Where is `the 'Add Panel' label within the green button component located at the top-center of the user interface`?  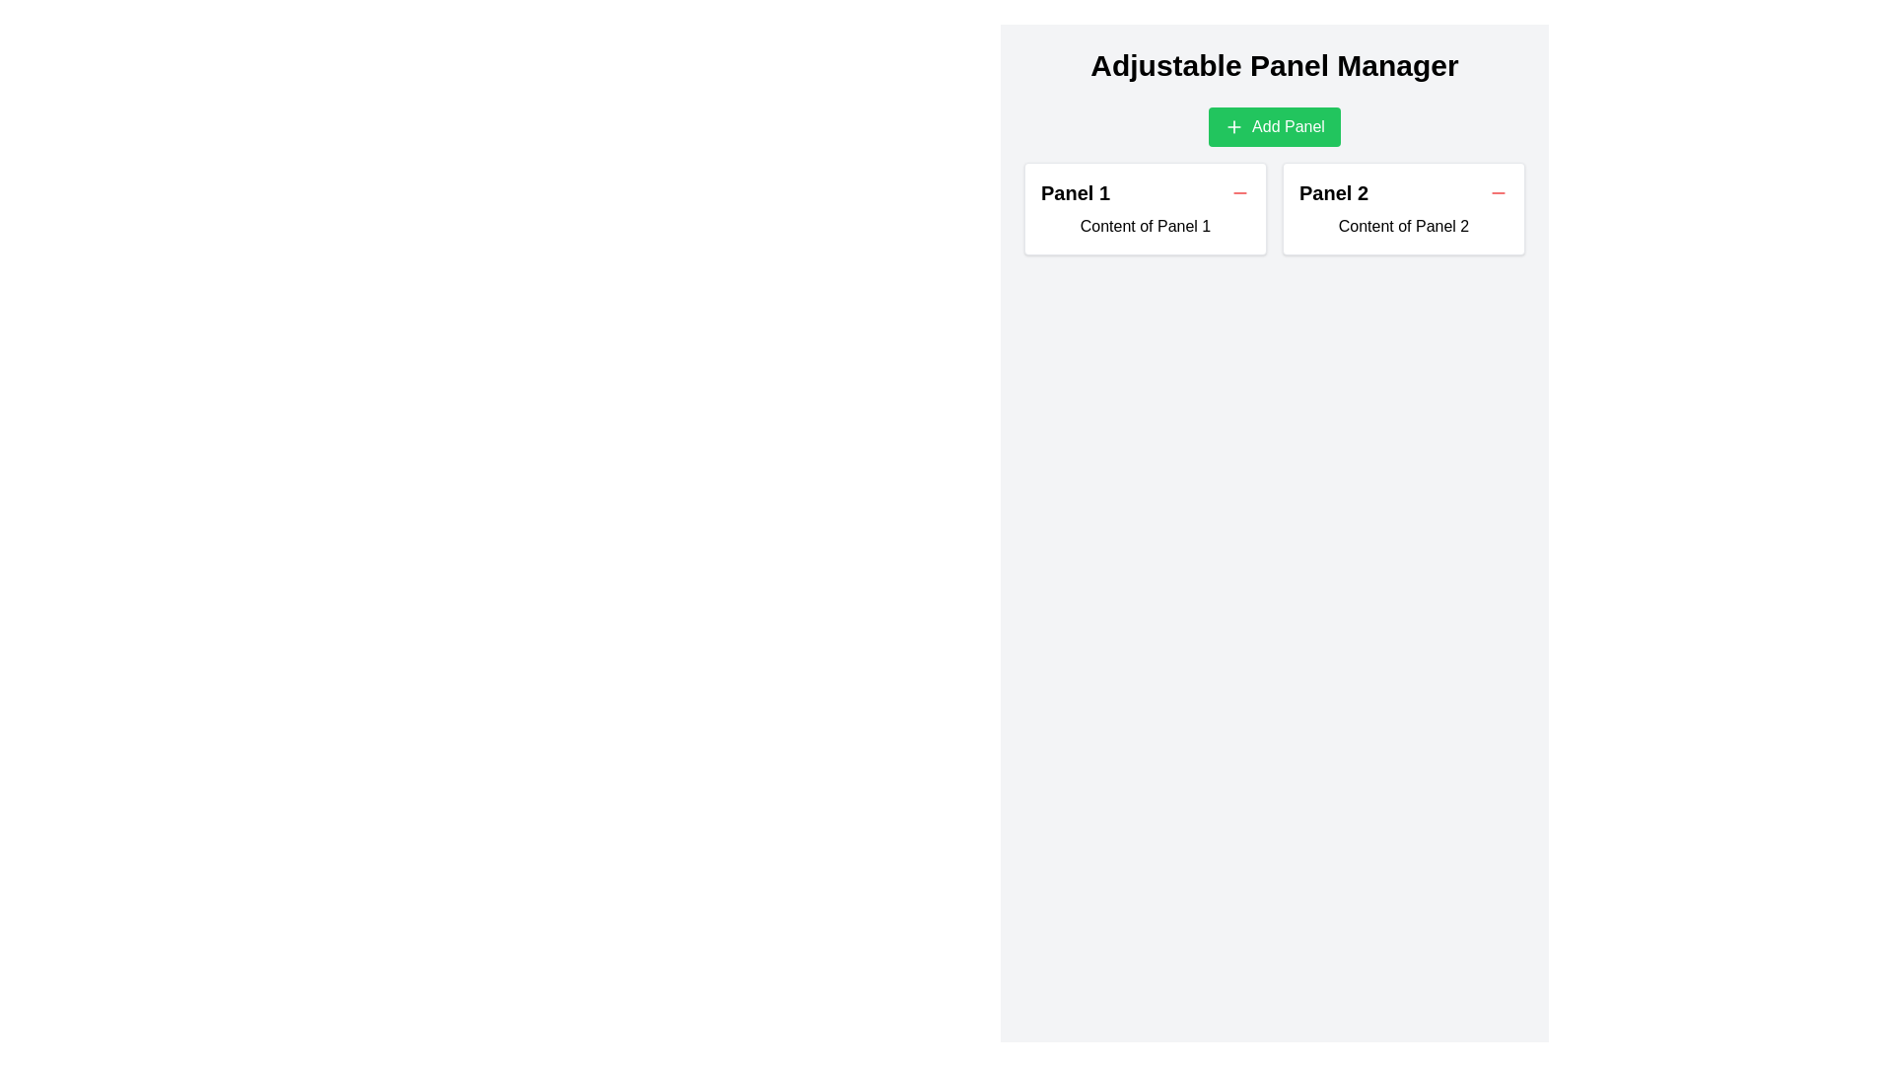 the 'Add Panel' label within the green button component located at the top-center of the user interface is located at coordinates (1288, 126).